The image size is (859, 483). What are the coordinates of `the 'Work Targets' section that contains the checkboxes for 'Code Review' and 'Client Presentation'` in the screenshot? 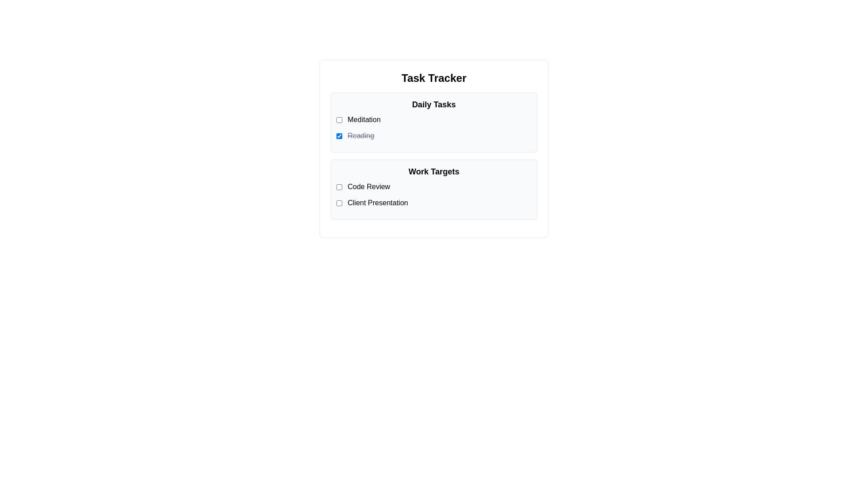 It's located at (434, 189).